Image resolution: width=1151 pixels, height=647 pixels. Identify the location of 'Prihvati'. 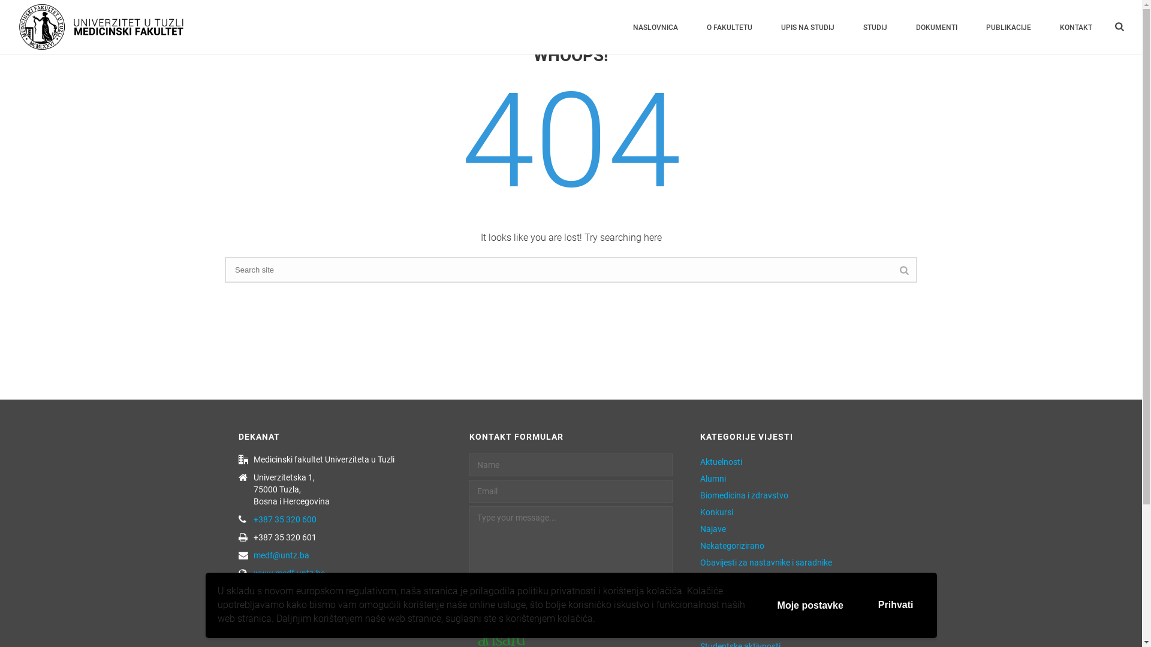
(896, 605).